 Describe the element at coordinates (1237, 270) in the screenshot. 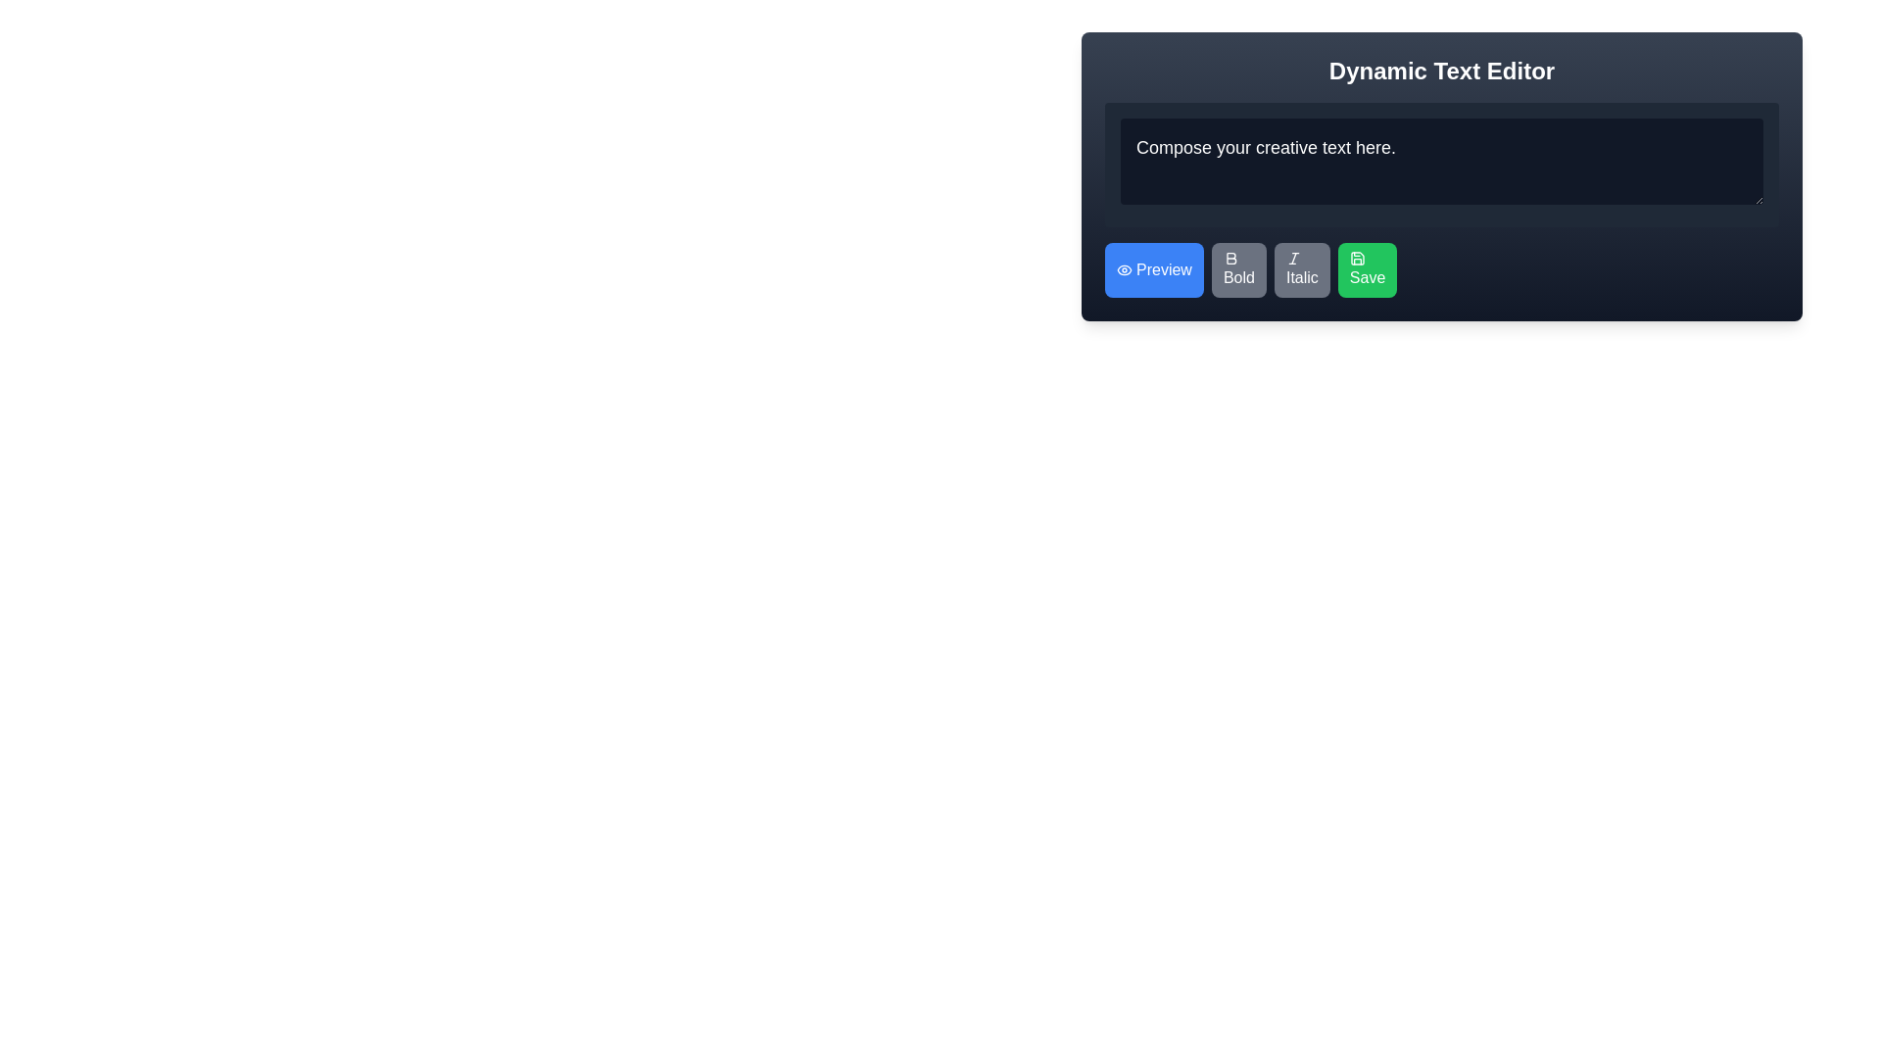

I see `the bold formatting button, which is the second button in a row of four buttons located below the dark text editing area, to observe the color change` at that location.